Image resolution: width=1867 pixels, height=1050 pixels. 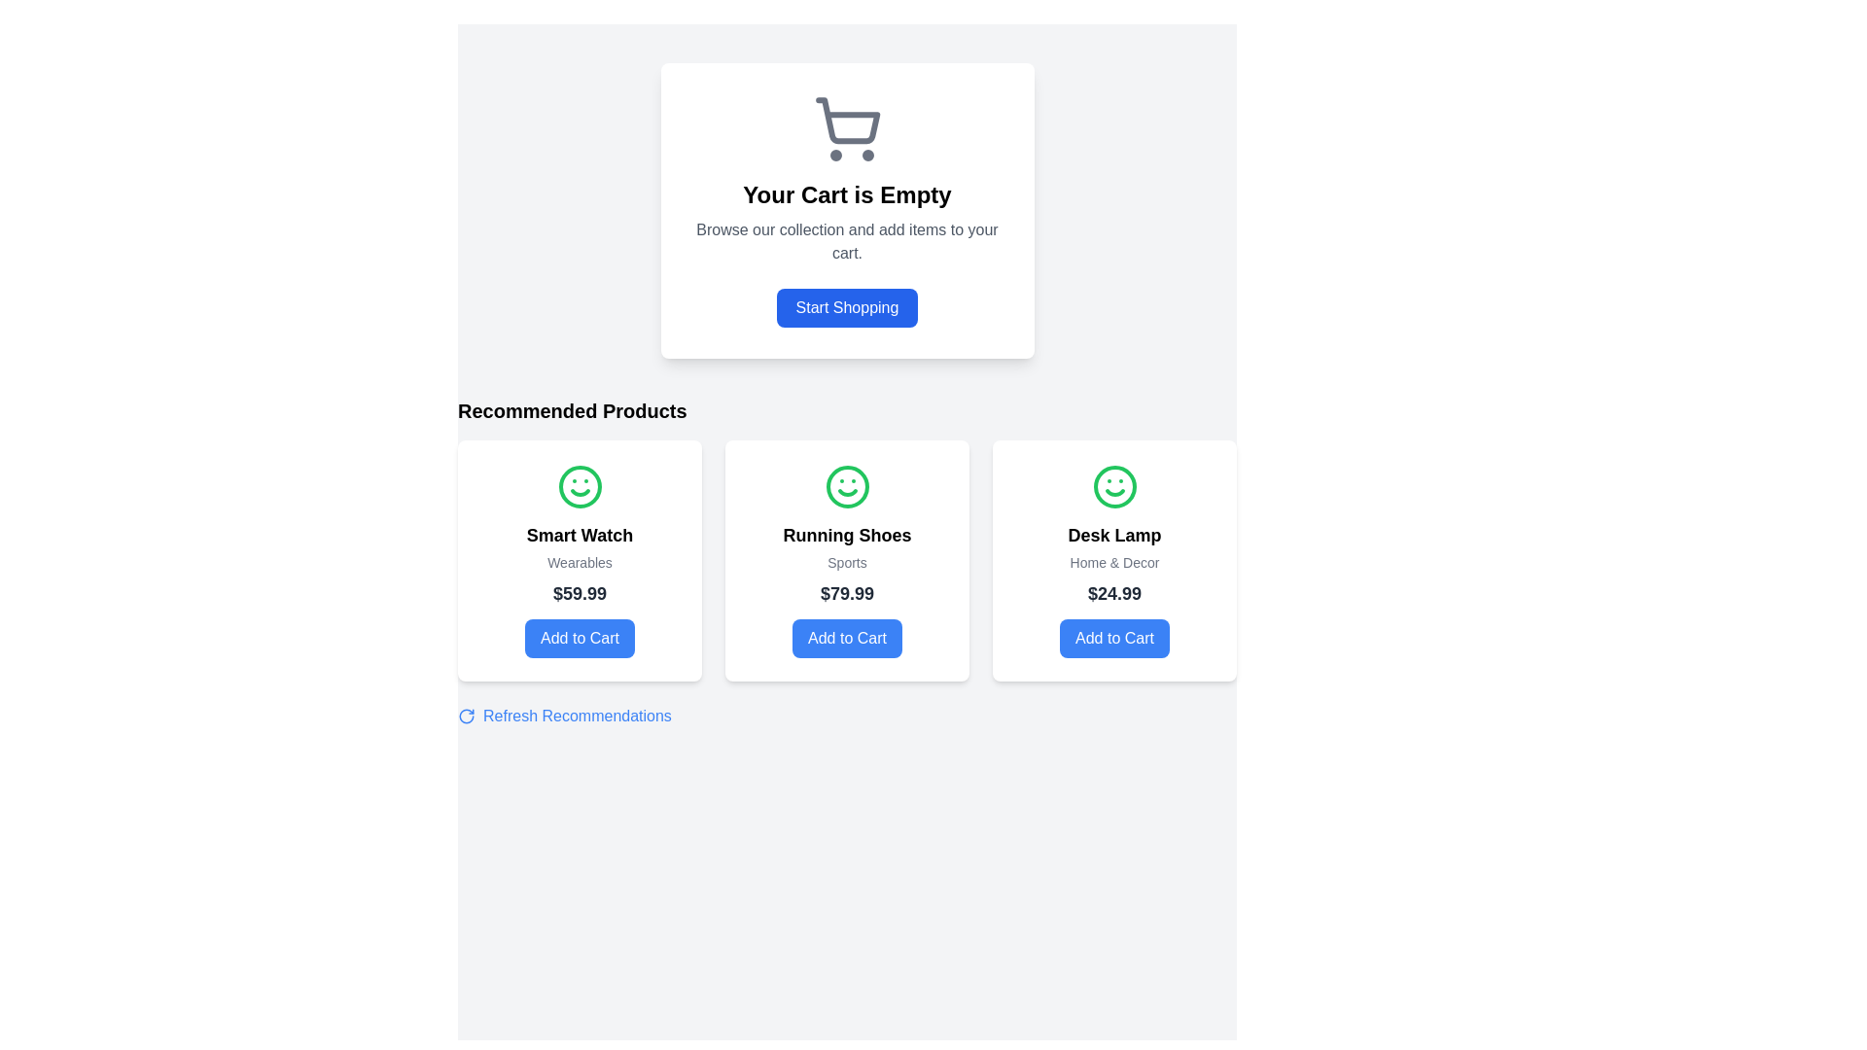 What do you see at coordinates (579, 592) in the screenshot?
I see `the price label indicating the cost of the 'Smart Watch' product in the 'Recommended Products' section, which is located below the product name and category labels, and above the 'Add to Cart' button` at bounding box center [579, 592].